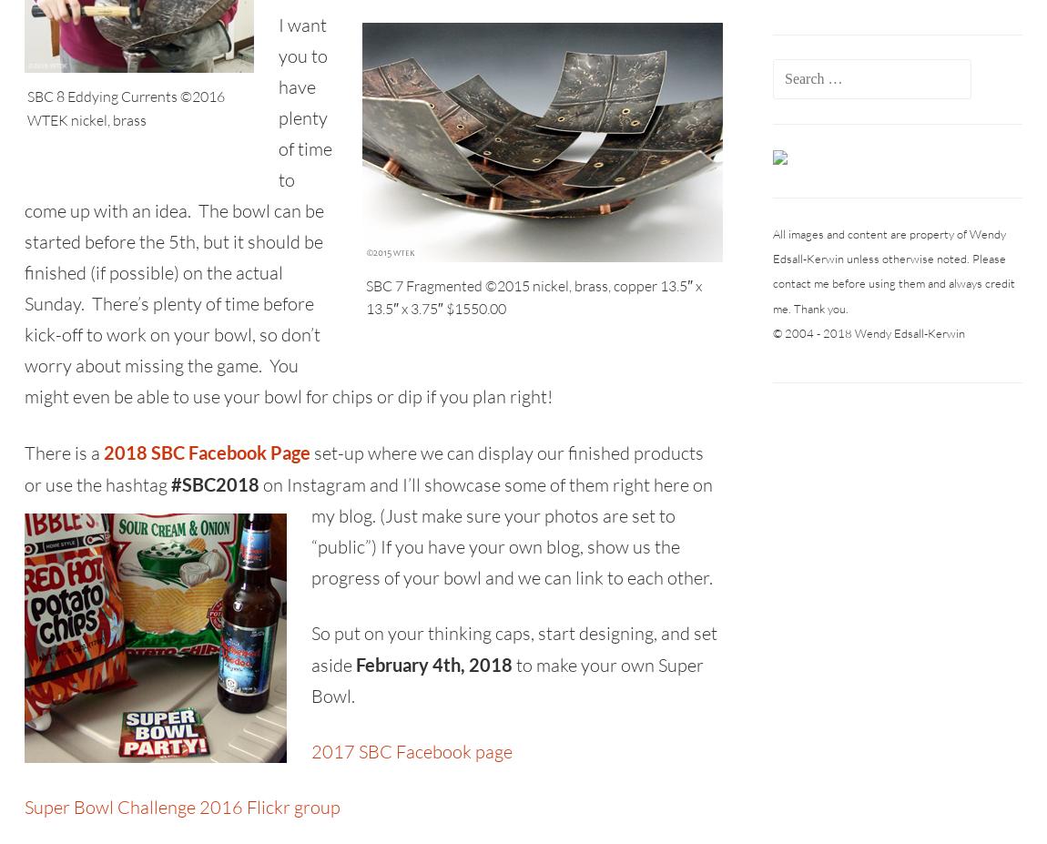  Describe the element at coordinates (311, 751) in the screenshot. I see `'2017 SBC Facebook page'` at that location.